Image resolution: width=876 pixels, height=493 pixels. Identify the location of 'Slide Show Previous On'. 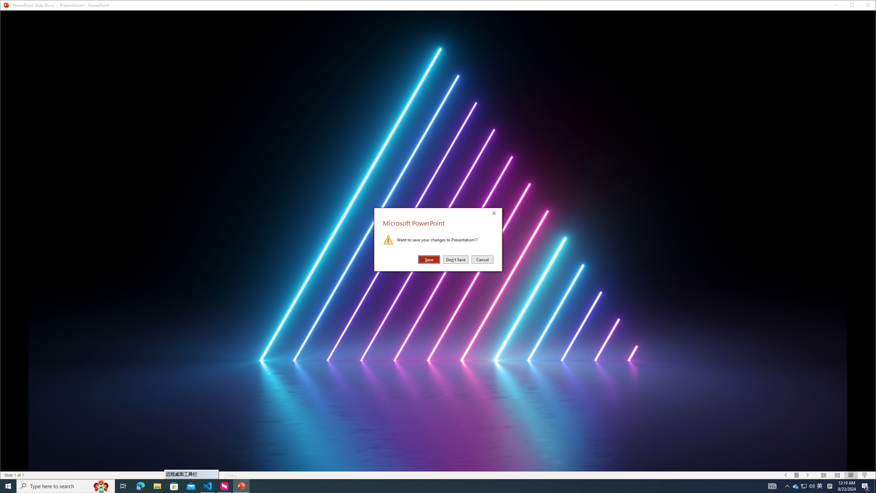
(786, 475).